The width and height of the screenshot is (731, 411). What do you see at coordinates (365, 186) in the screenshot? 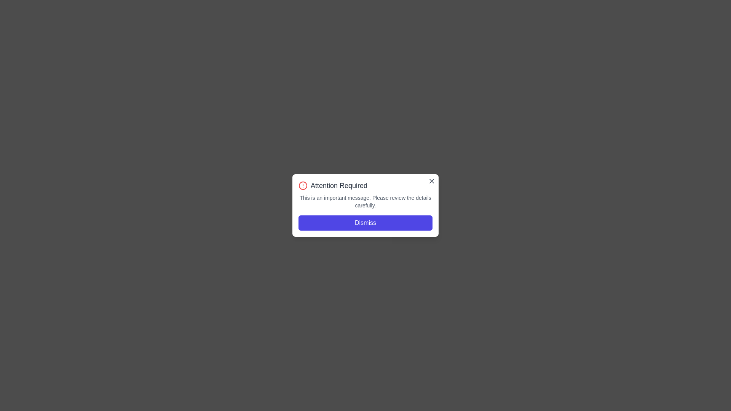
I see `alert text from the Alert Header with Icon that displays 'Attention Required' in bold, located at the top of the white alert box` at bounding box center [365, 186].